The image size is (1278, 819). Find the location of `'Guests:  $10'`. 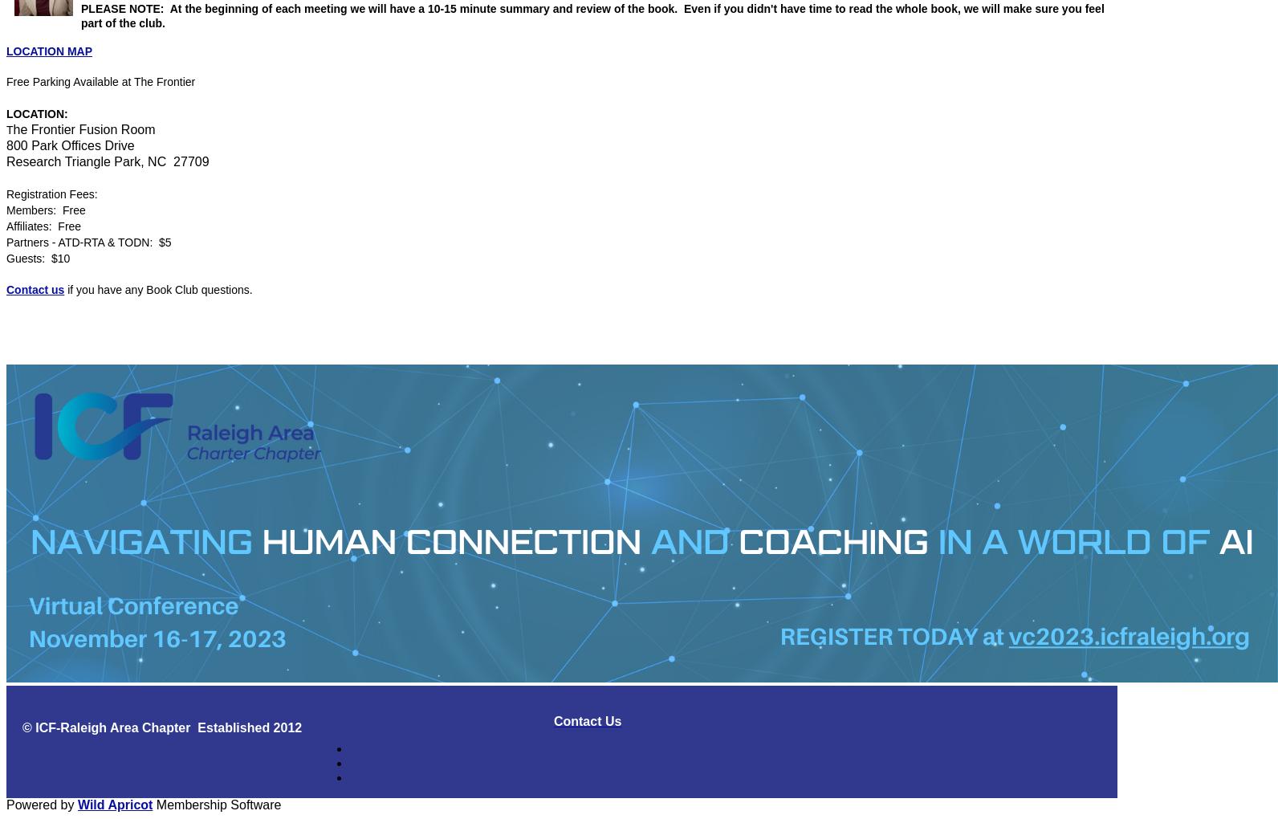

'Guests:  $10' is located at coordinates (6, 257).